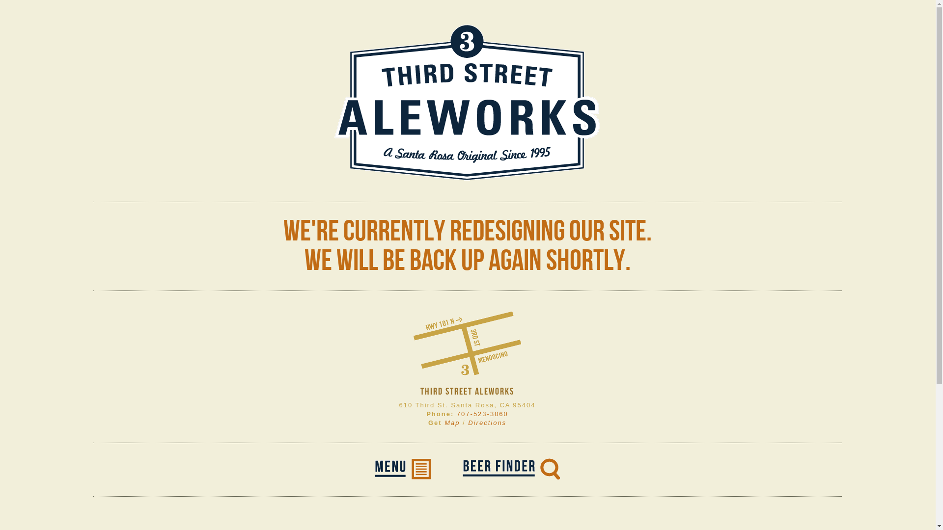 The image size is (943, 530). Describe the element at coordinates (456, 414) in the screenshot. I see `'707-523-3060'` at that location.